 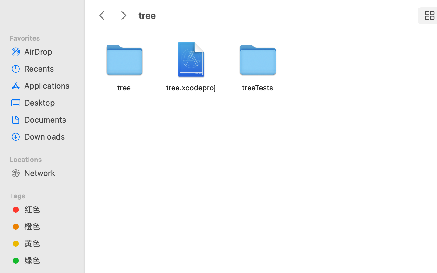 What do you see at coordinates (48, 173) in the screenshot?
I see `'Network'` at bounding box center [48, 173].